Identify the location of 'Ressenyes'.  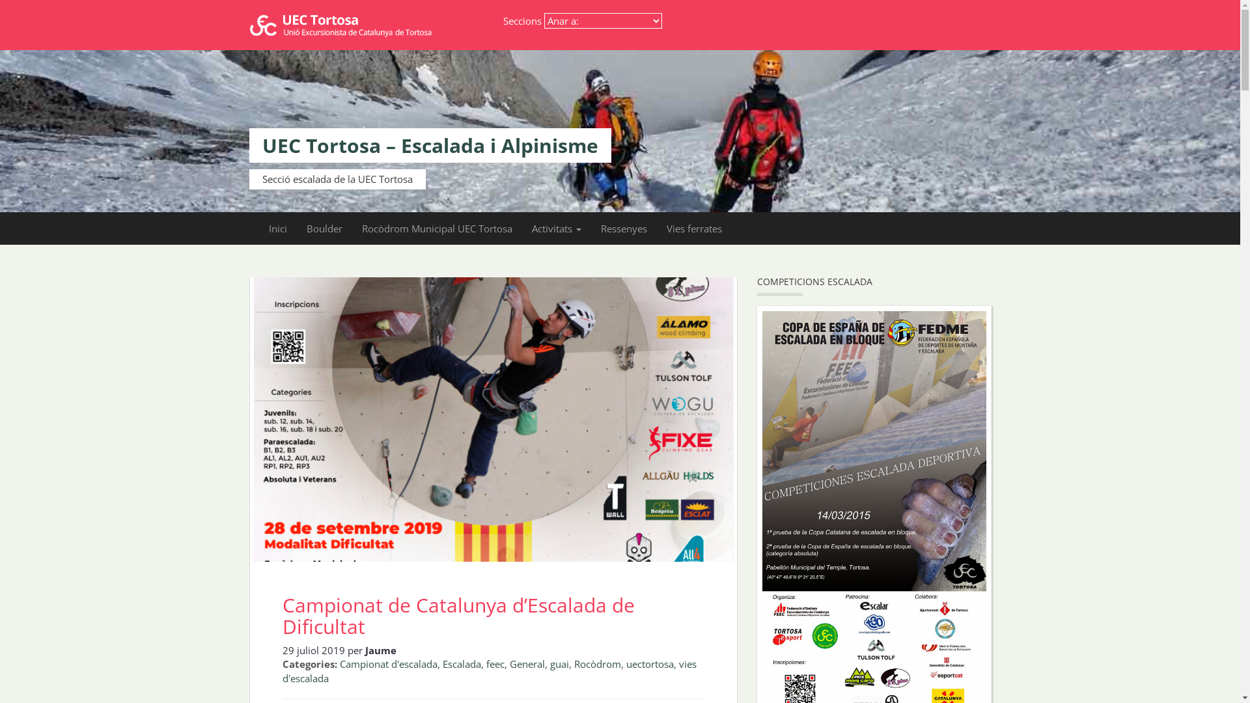
(623, 228).